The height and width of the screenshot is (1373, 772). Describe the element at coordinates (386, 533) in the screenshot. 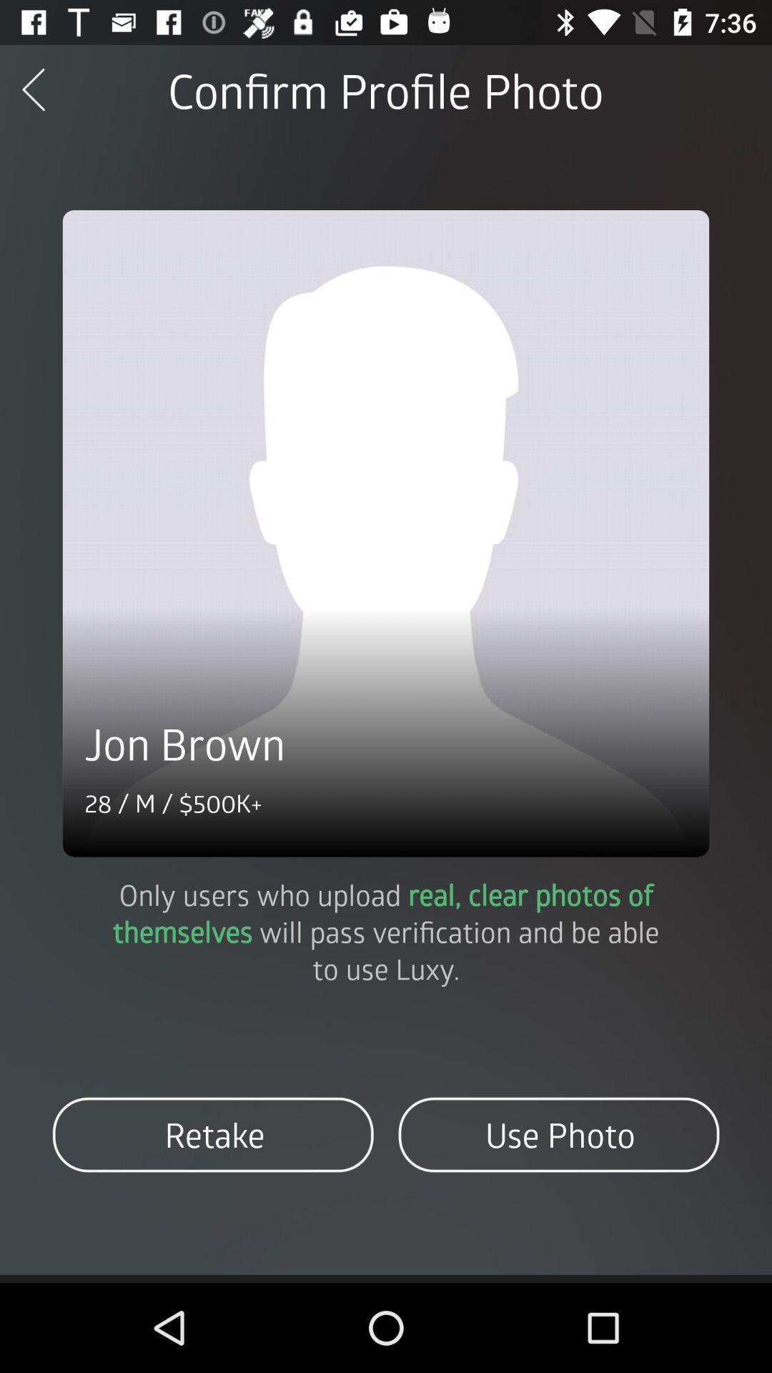

I see `expand picture` at that location.